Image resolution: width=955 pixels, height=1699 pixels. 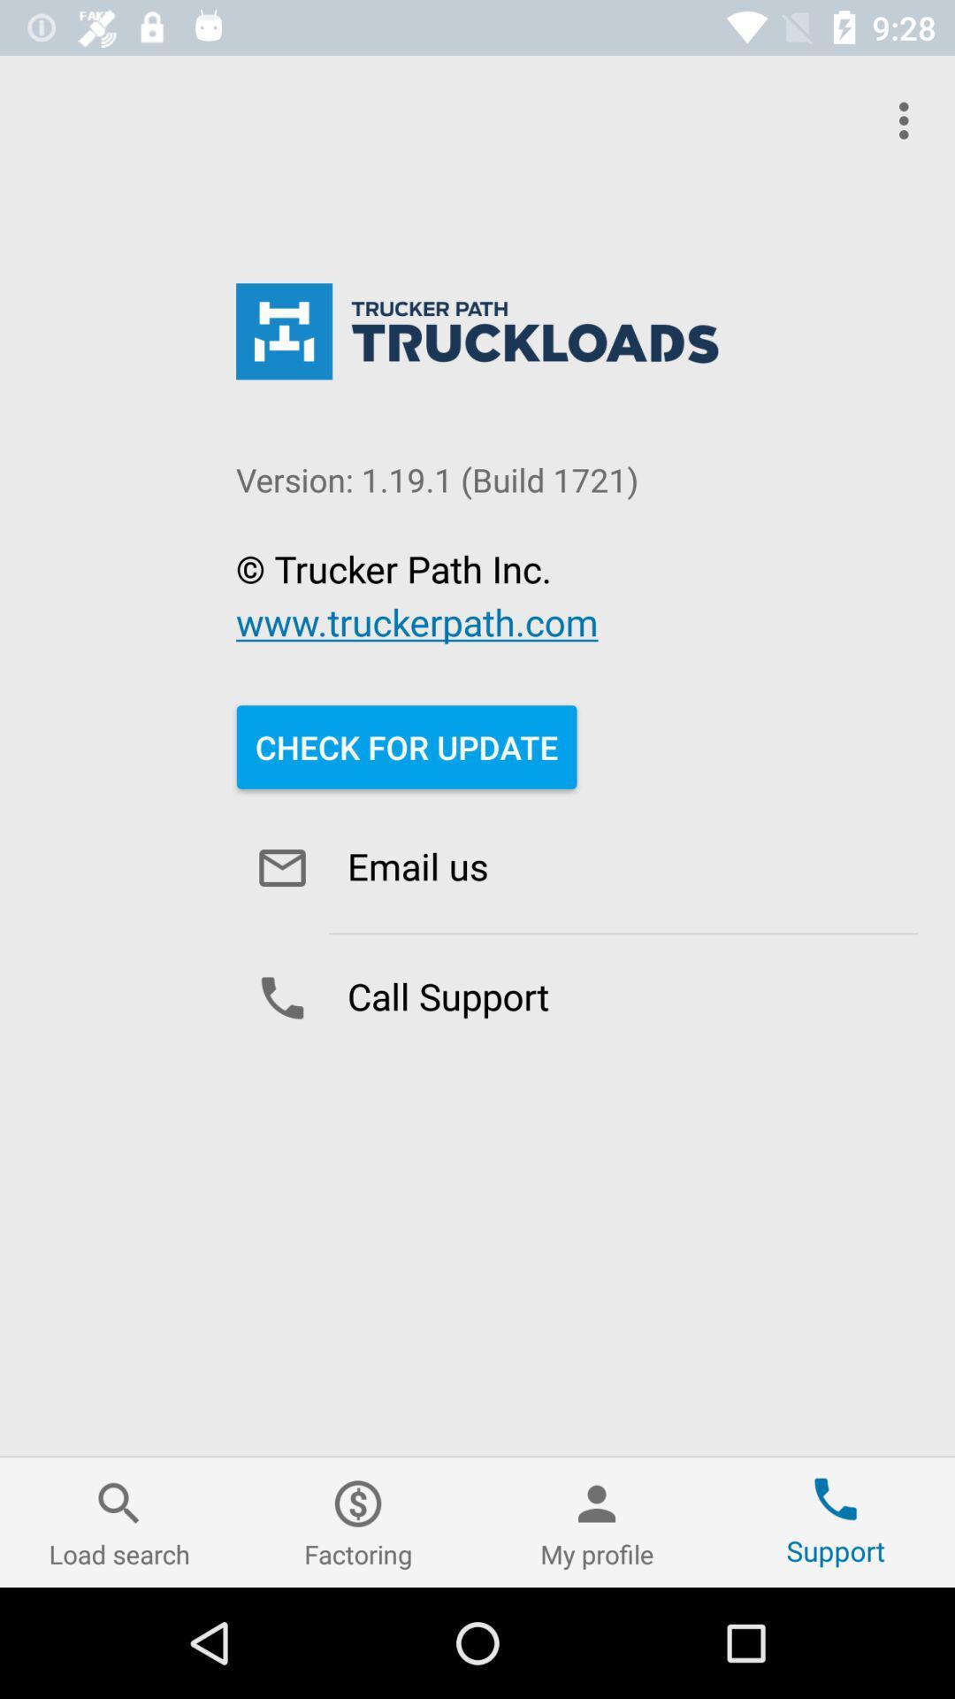 I want to click on option below check for update button, so click(x=577, y=868).